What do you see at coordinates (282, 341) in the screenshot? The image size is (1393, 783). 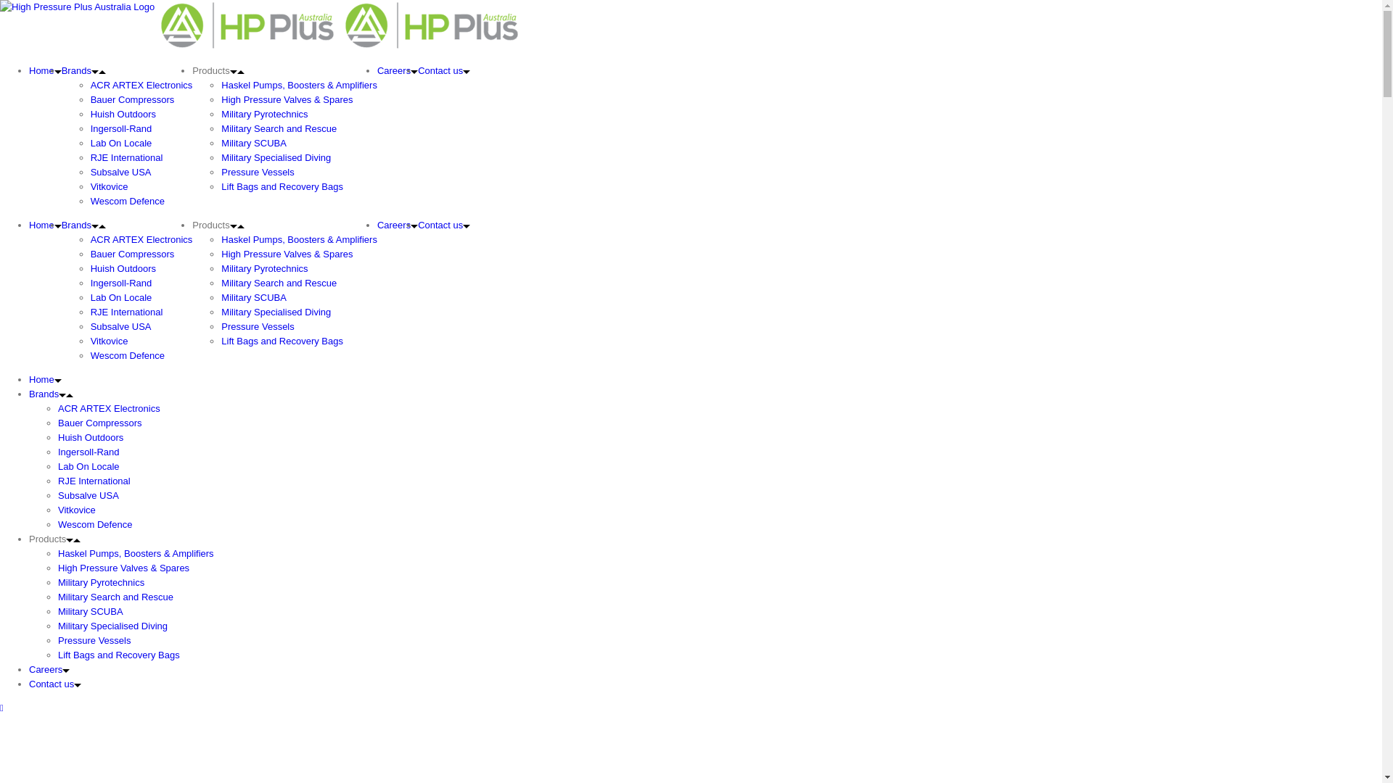 I see `'Lift Bags and Recovery Bags'` at bounding box center [282, 341].